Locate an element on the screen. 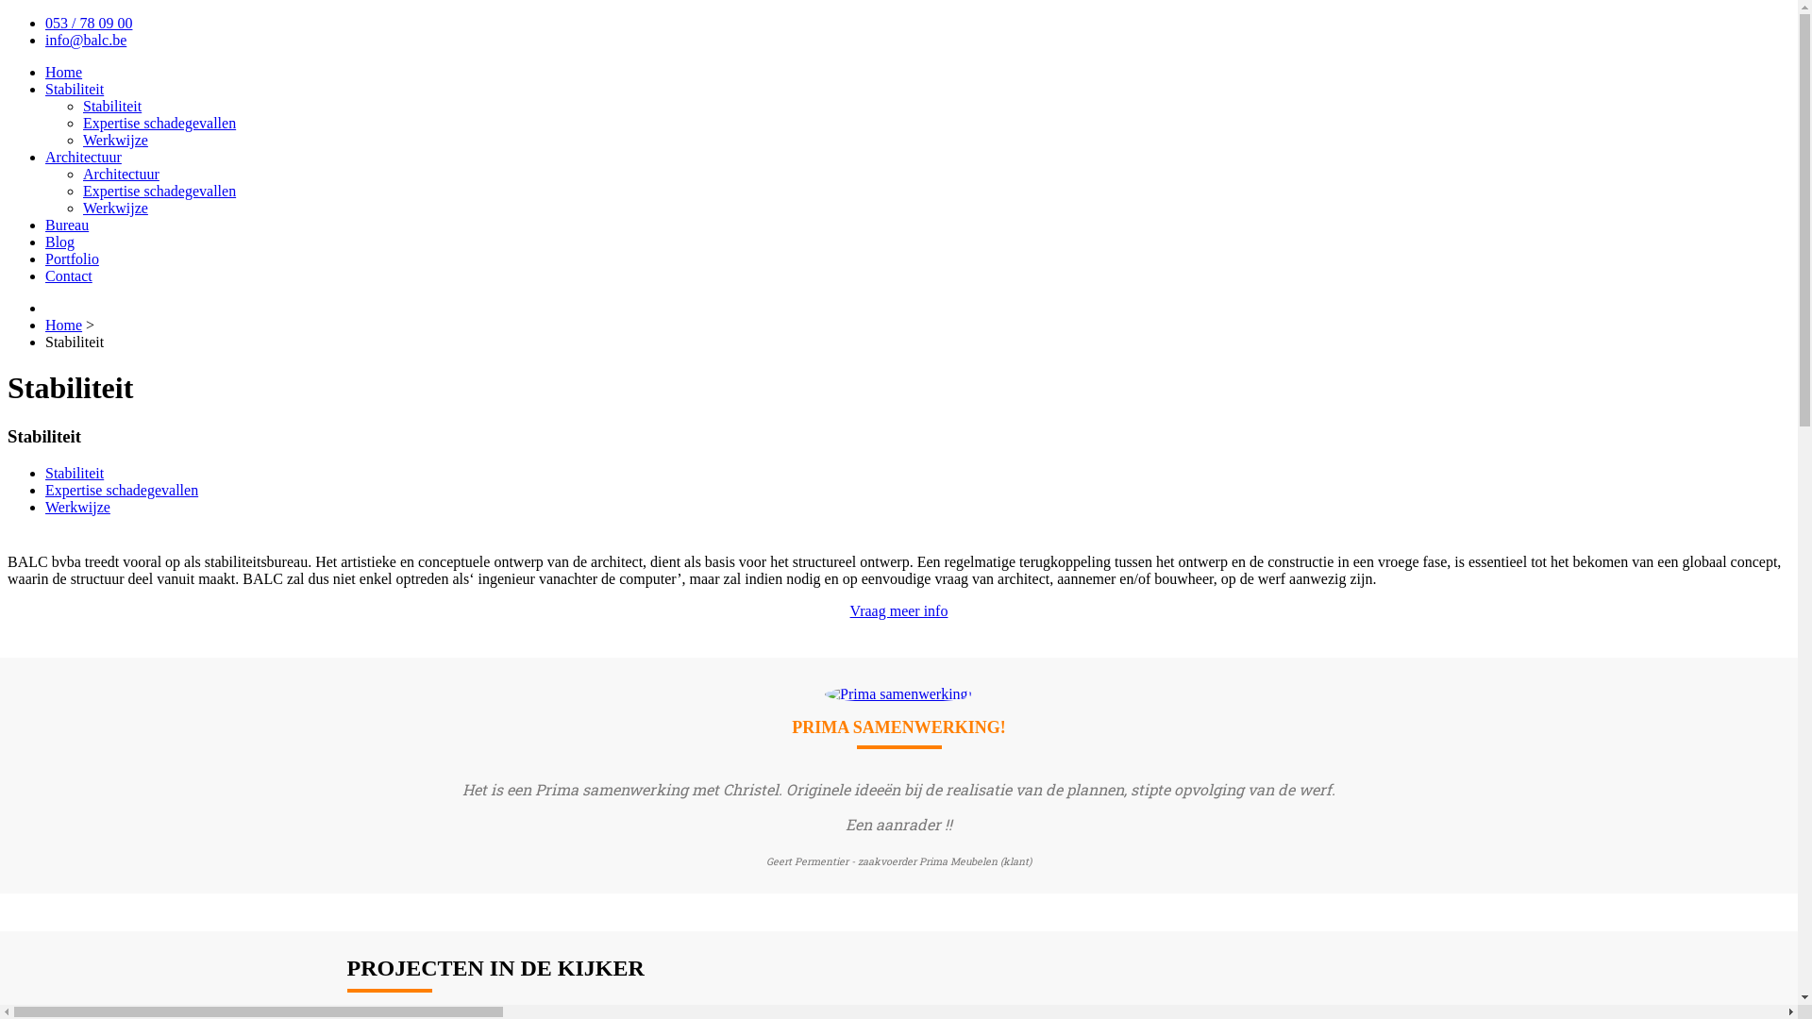 Image resolution: width=1812 pixels, height=1019 pixels. 'Werkwijze' is located at coordinates (45, 506).